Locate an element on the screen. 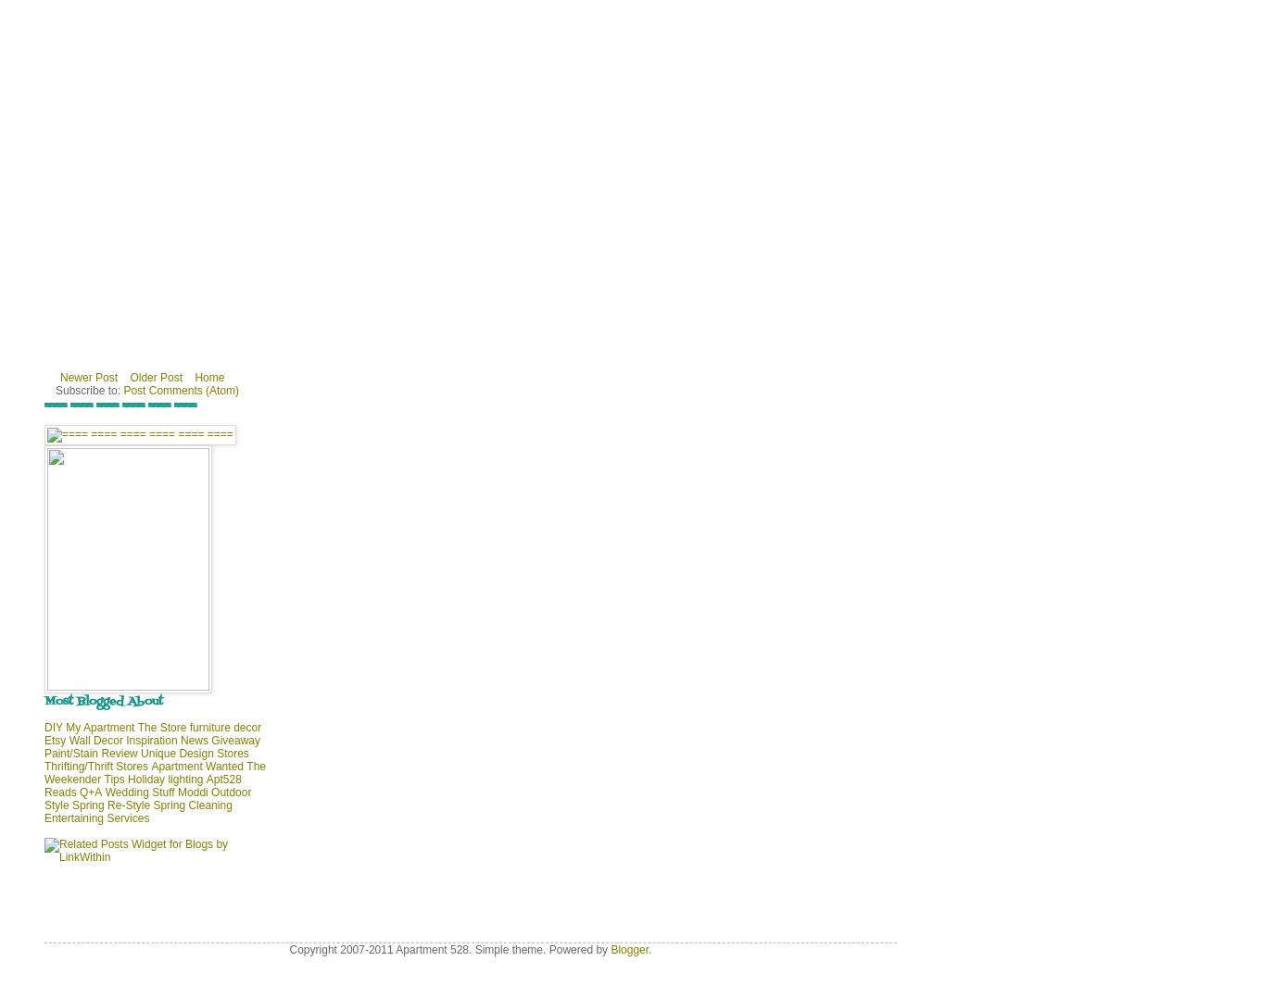 This screenshot has width=1273, height=986. 'Q+A' is located at coordinates (89, 793).